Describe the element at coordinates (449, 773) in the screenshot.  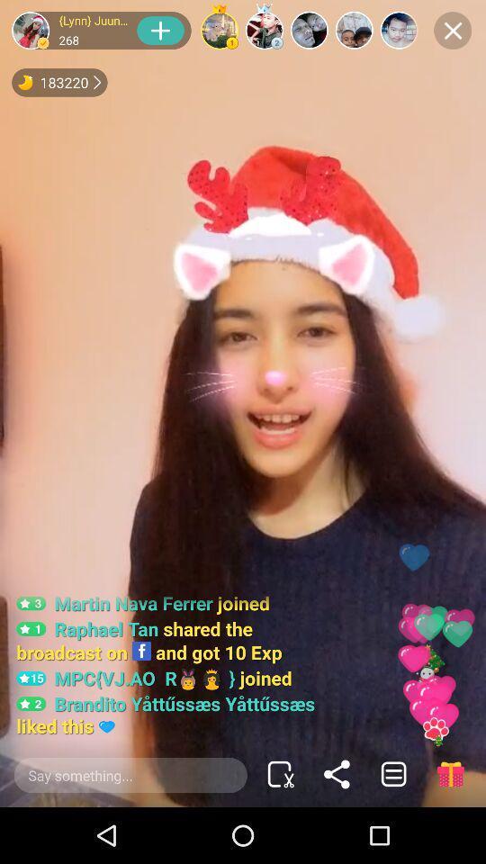
I see `the gift icon` at that location.